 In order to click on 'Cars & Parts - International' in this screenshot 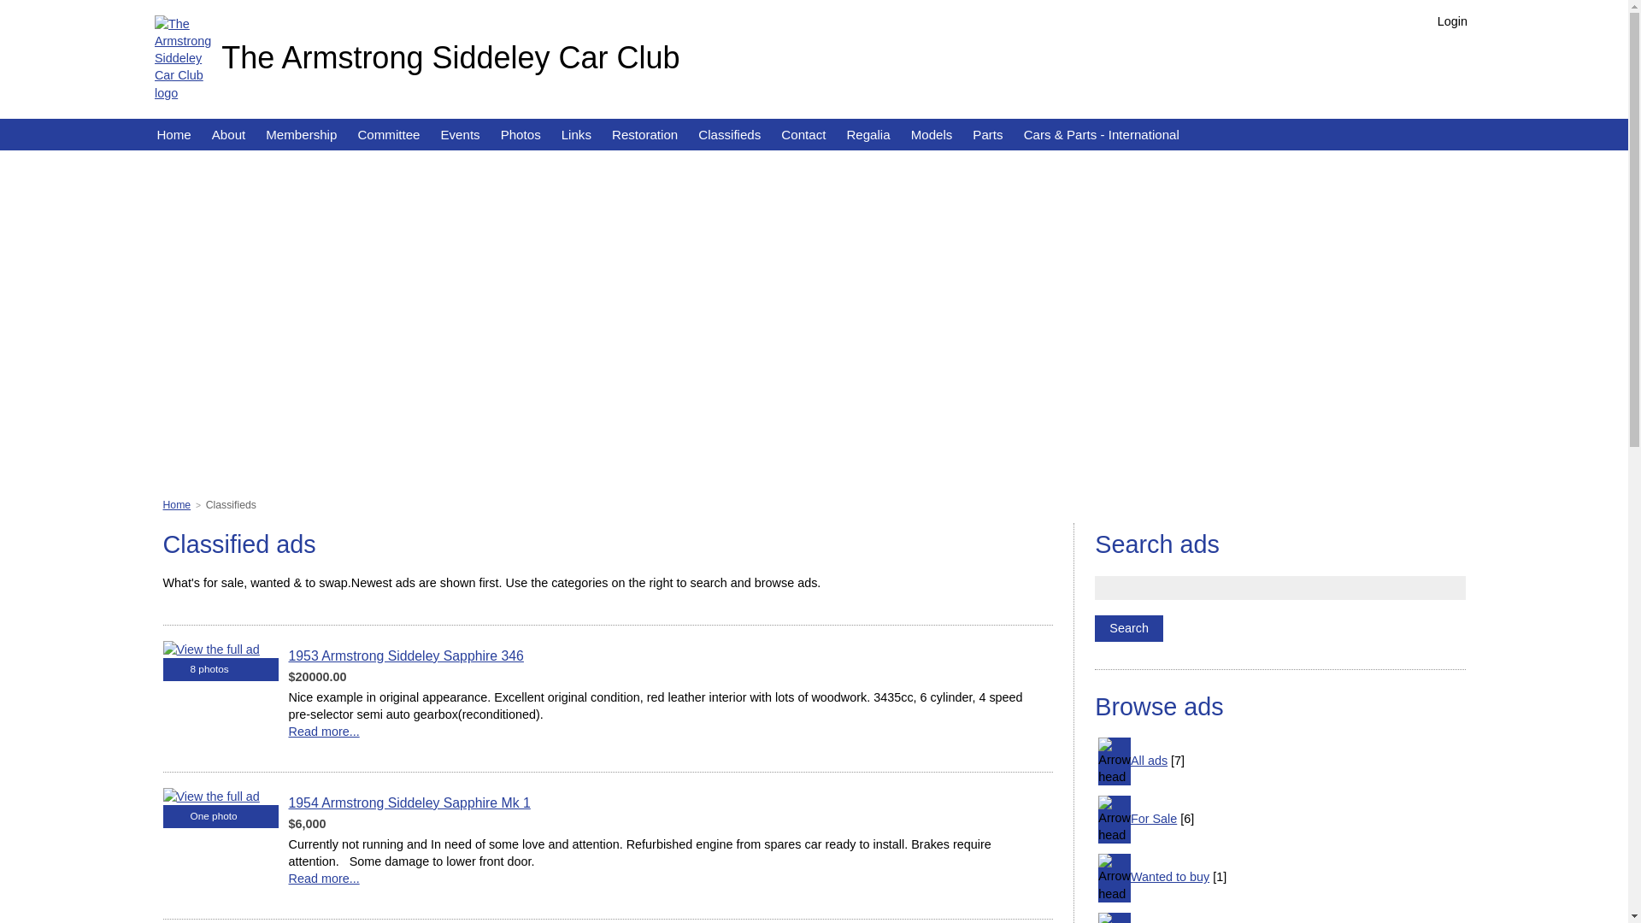, I will do `click(1013, 134)`.